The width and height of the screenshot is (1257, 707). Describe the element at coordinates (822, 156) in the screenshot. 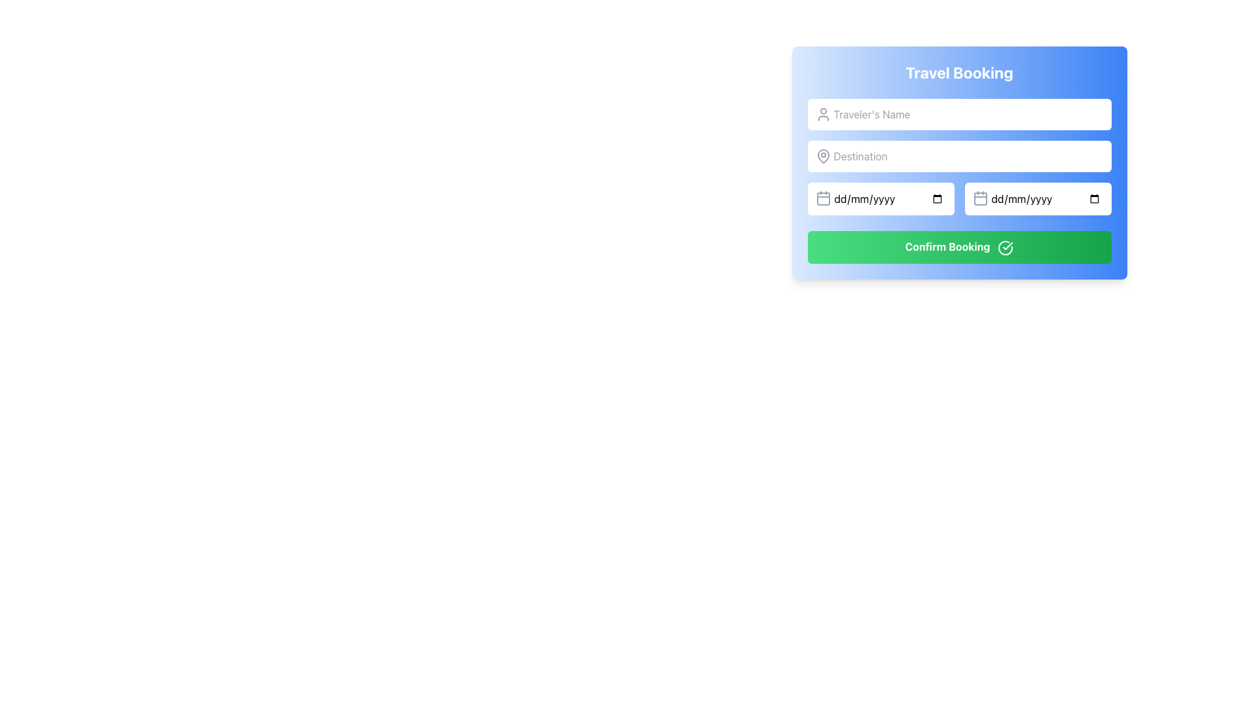

I see `the gray outline map pin icon located inside the 'Destination' input field in the travel booking form, positioned at the top-left corner of the input box` at that location.